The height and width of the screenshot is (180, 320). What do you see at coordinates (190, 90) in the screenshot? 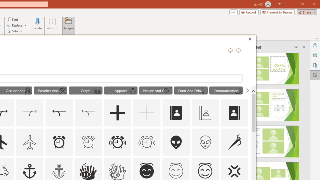
I see `'"Food And Drinks" Icons.'` at bounding box center [190, 90].